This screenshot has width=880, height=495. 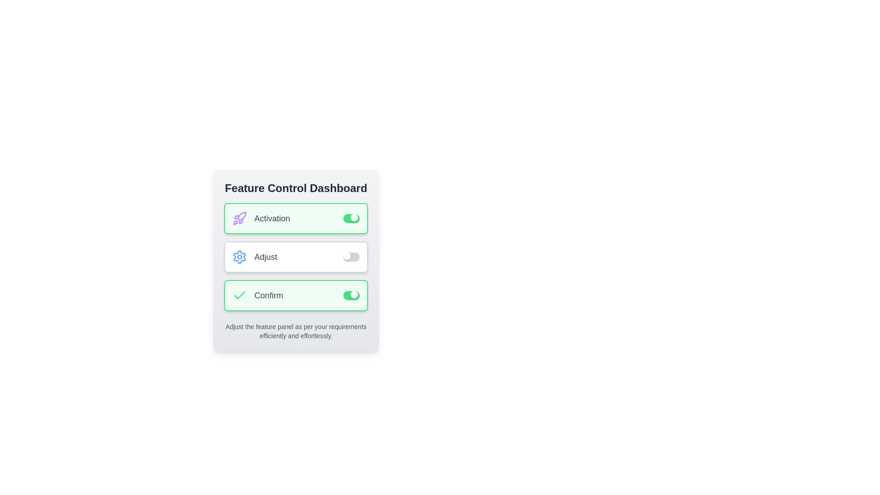 What do you see at coordinates (351, 295) in the screenshot?
I see `the toggle switch for the 'Confirm' feature` at bounding box center [351, 295].